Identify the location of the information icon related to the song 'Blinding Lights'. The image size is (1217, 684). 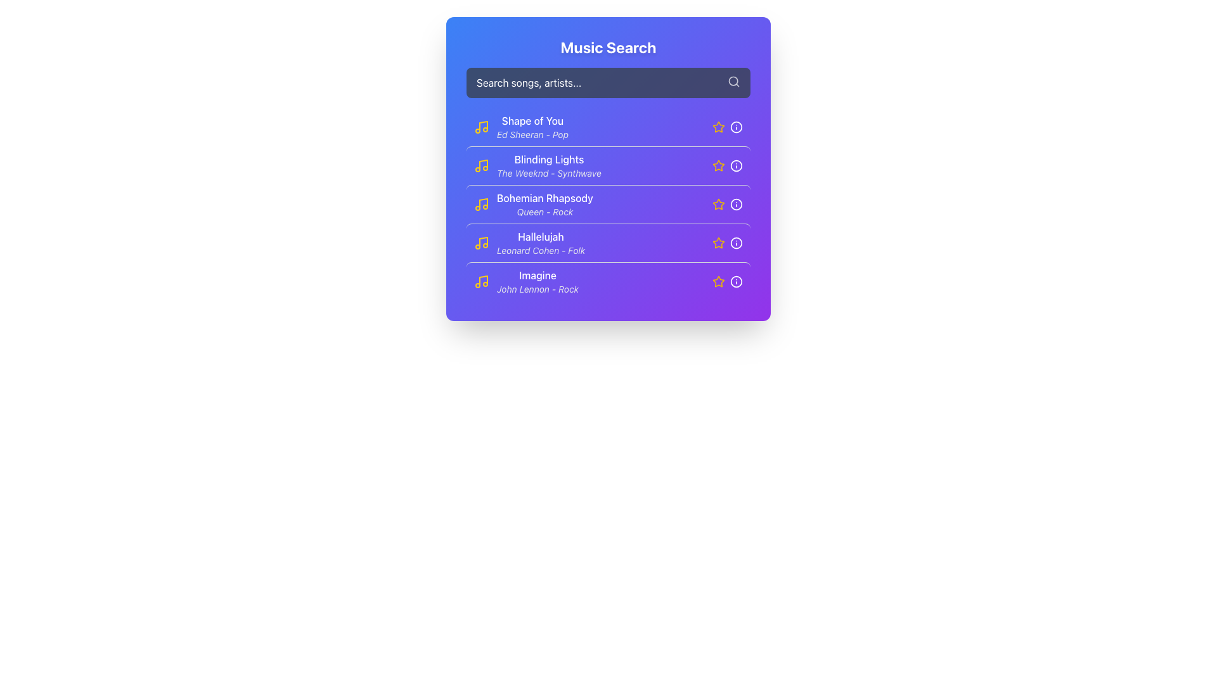
(736, 165).